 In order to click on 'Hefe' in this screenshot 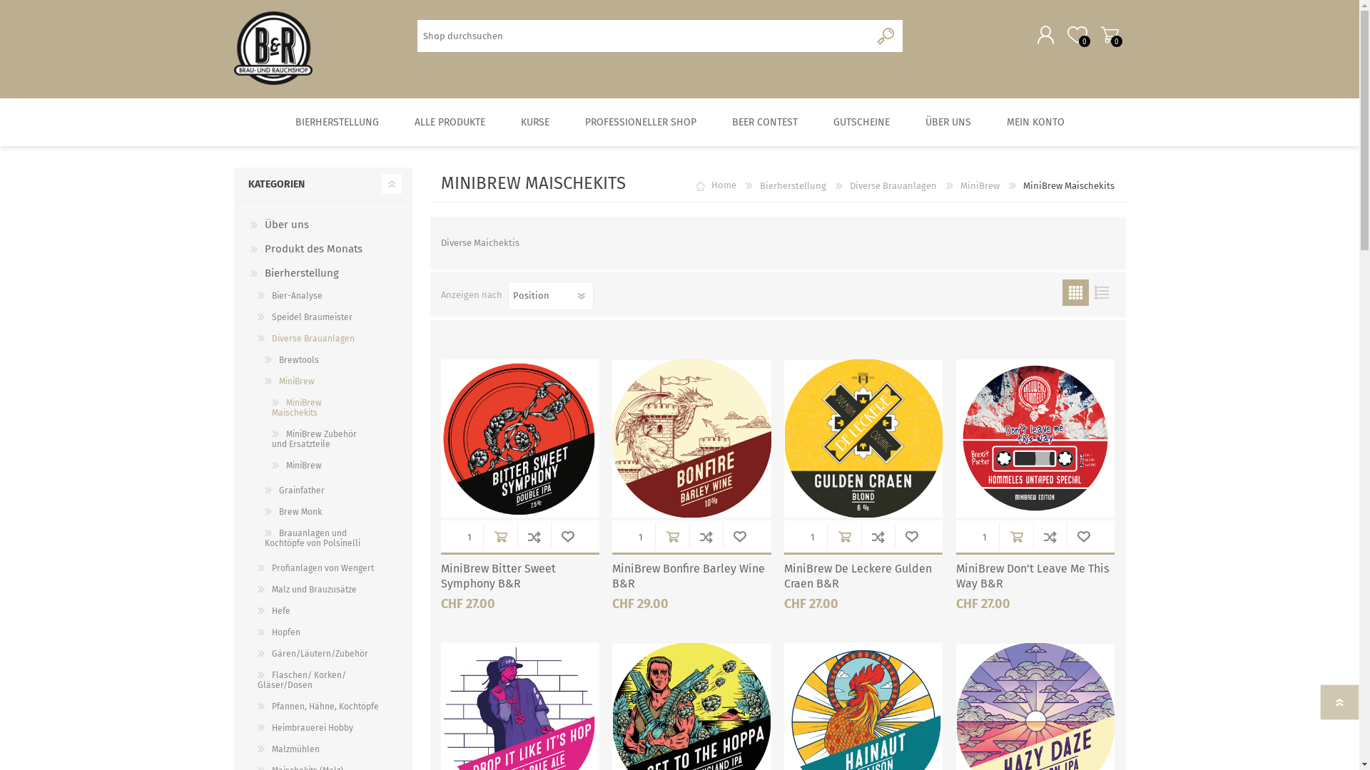, I will do `click(274, 610)`.